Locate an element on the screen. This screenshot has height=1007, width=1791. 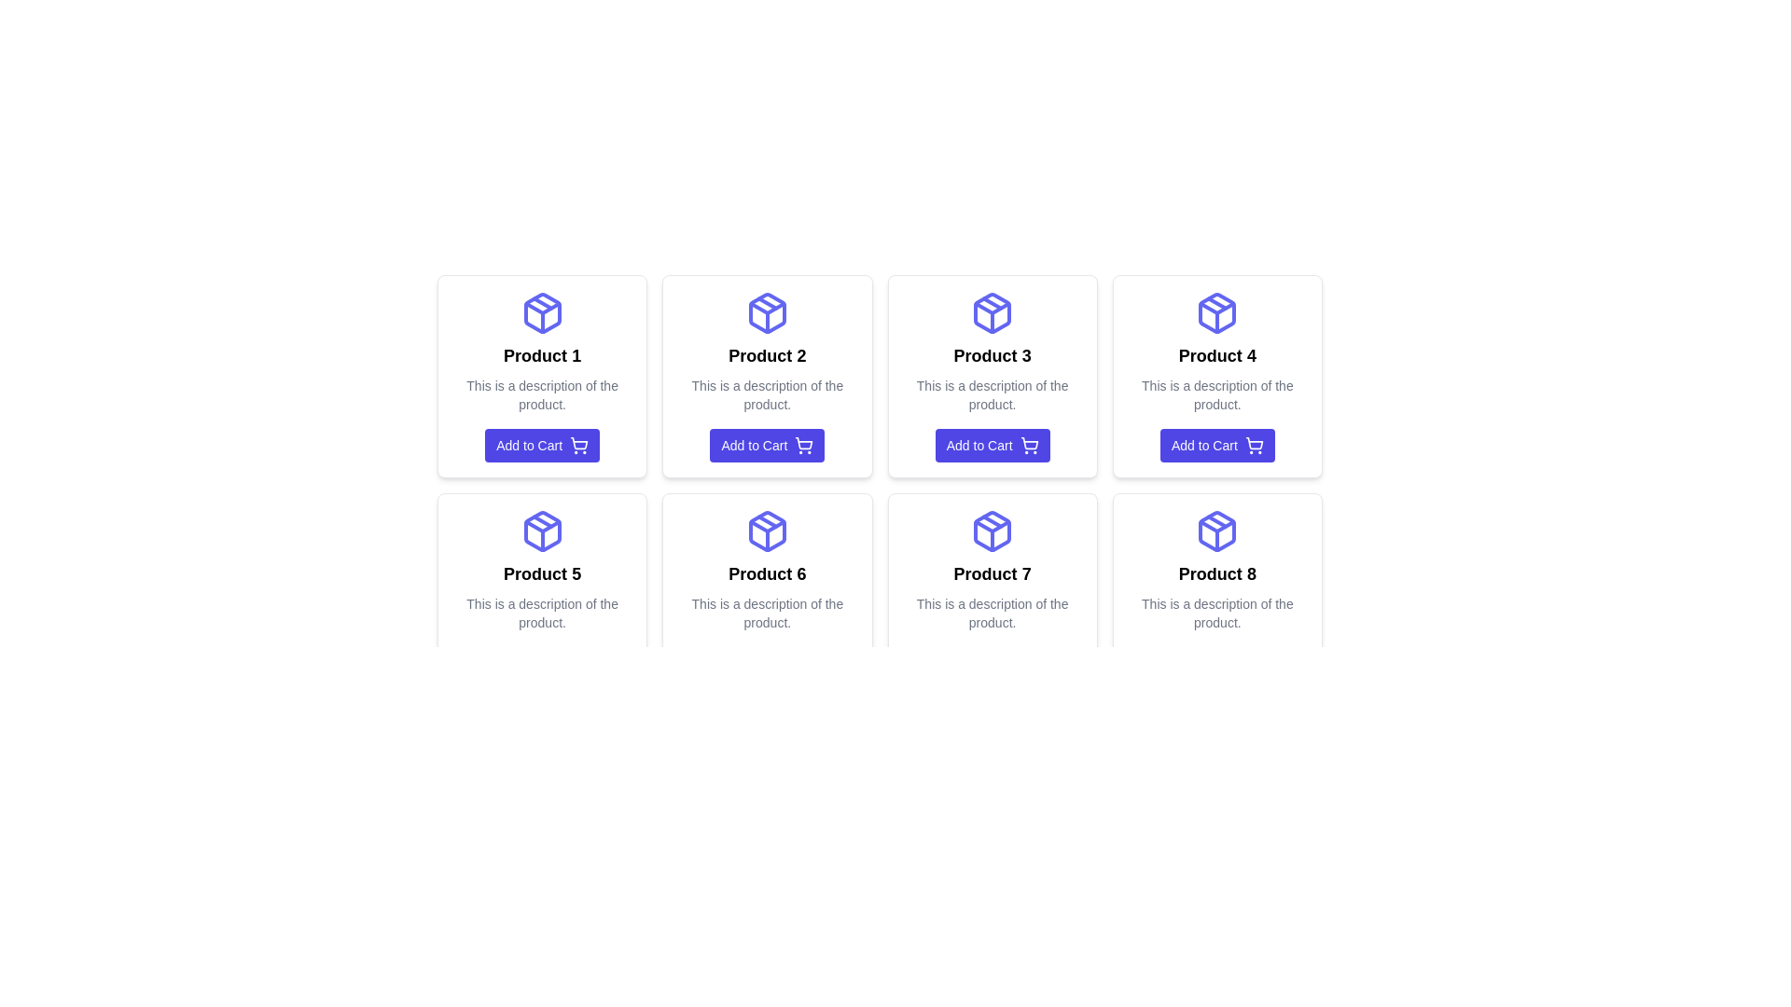
the product icon located in the top-left corner of the 'Product 1' card, which is represented by a distinctive SVG graphic above the product title and description is located at coordinates (541, 311).